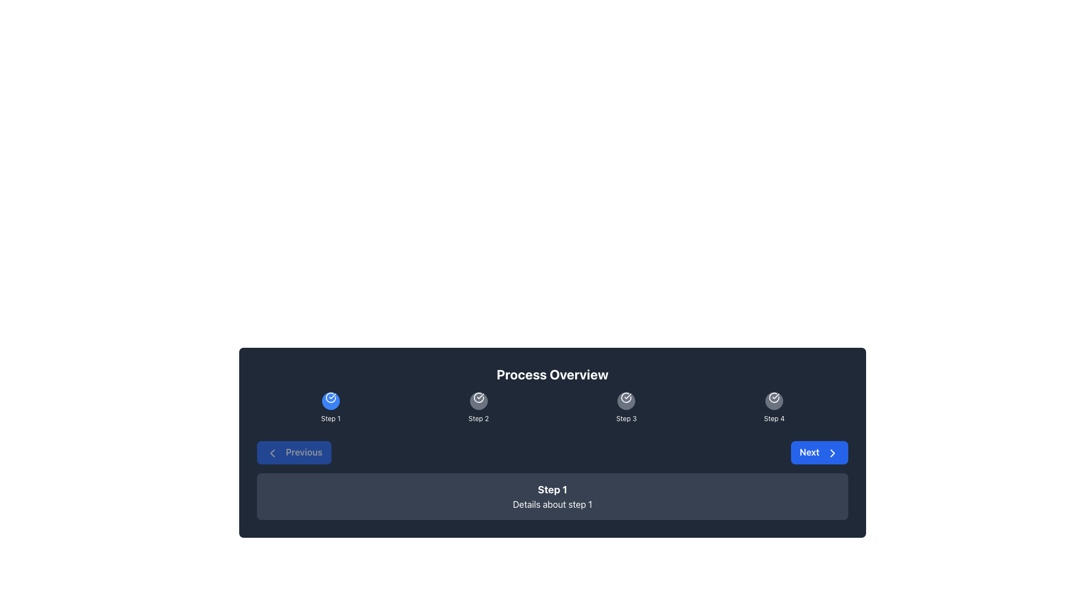 This screenshot has height=600, width=1068. I want to click on the second circular icon with a white outline and a checkmark, located on a dark background, so click(478, 397).